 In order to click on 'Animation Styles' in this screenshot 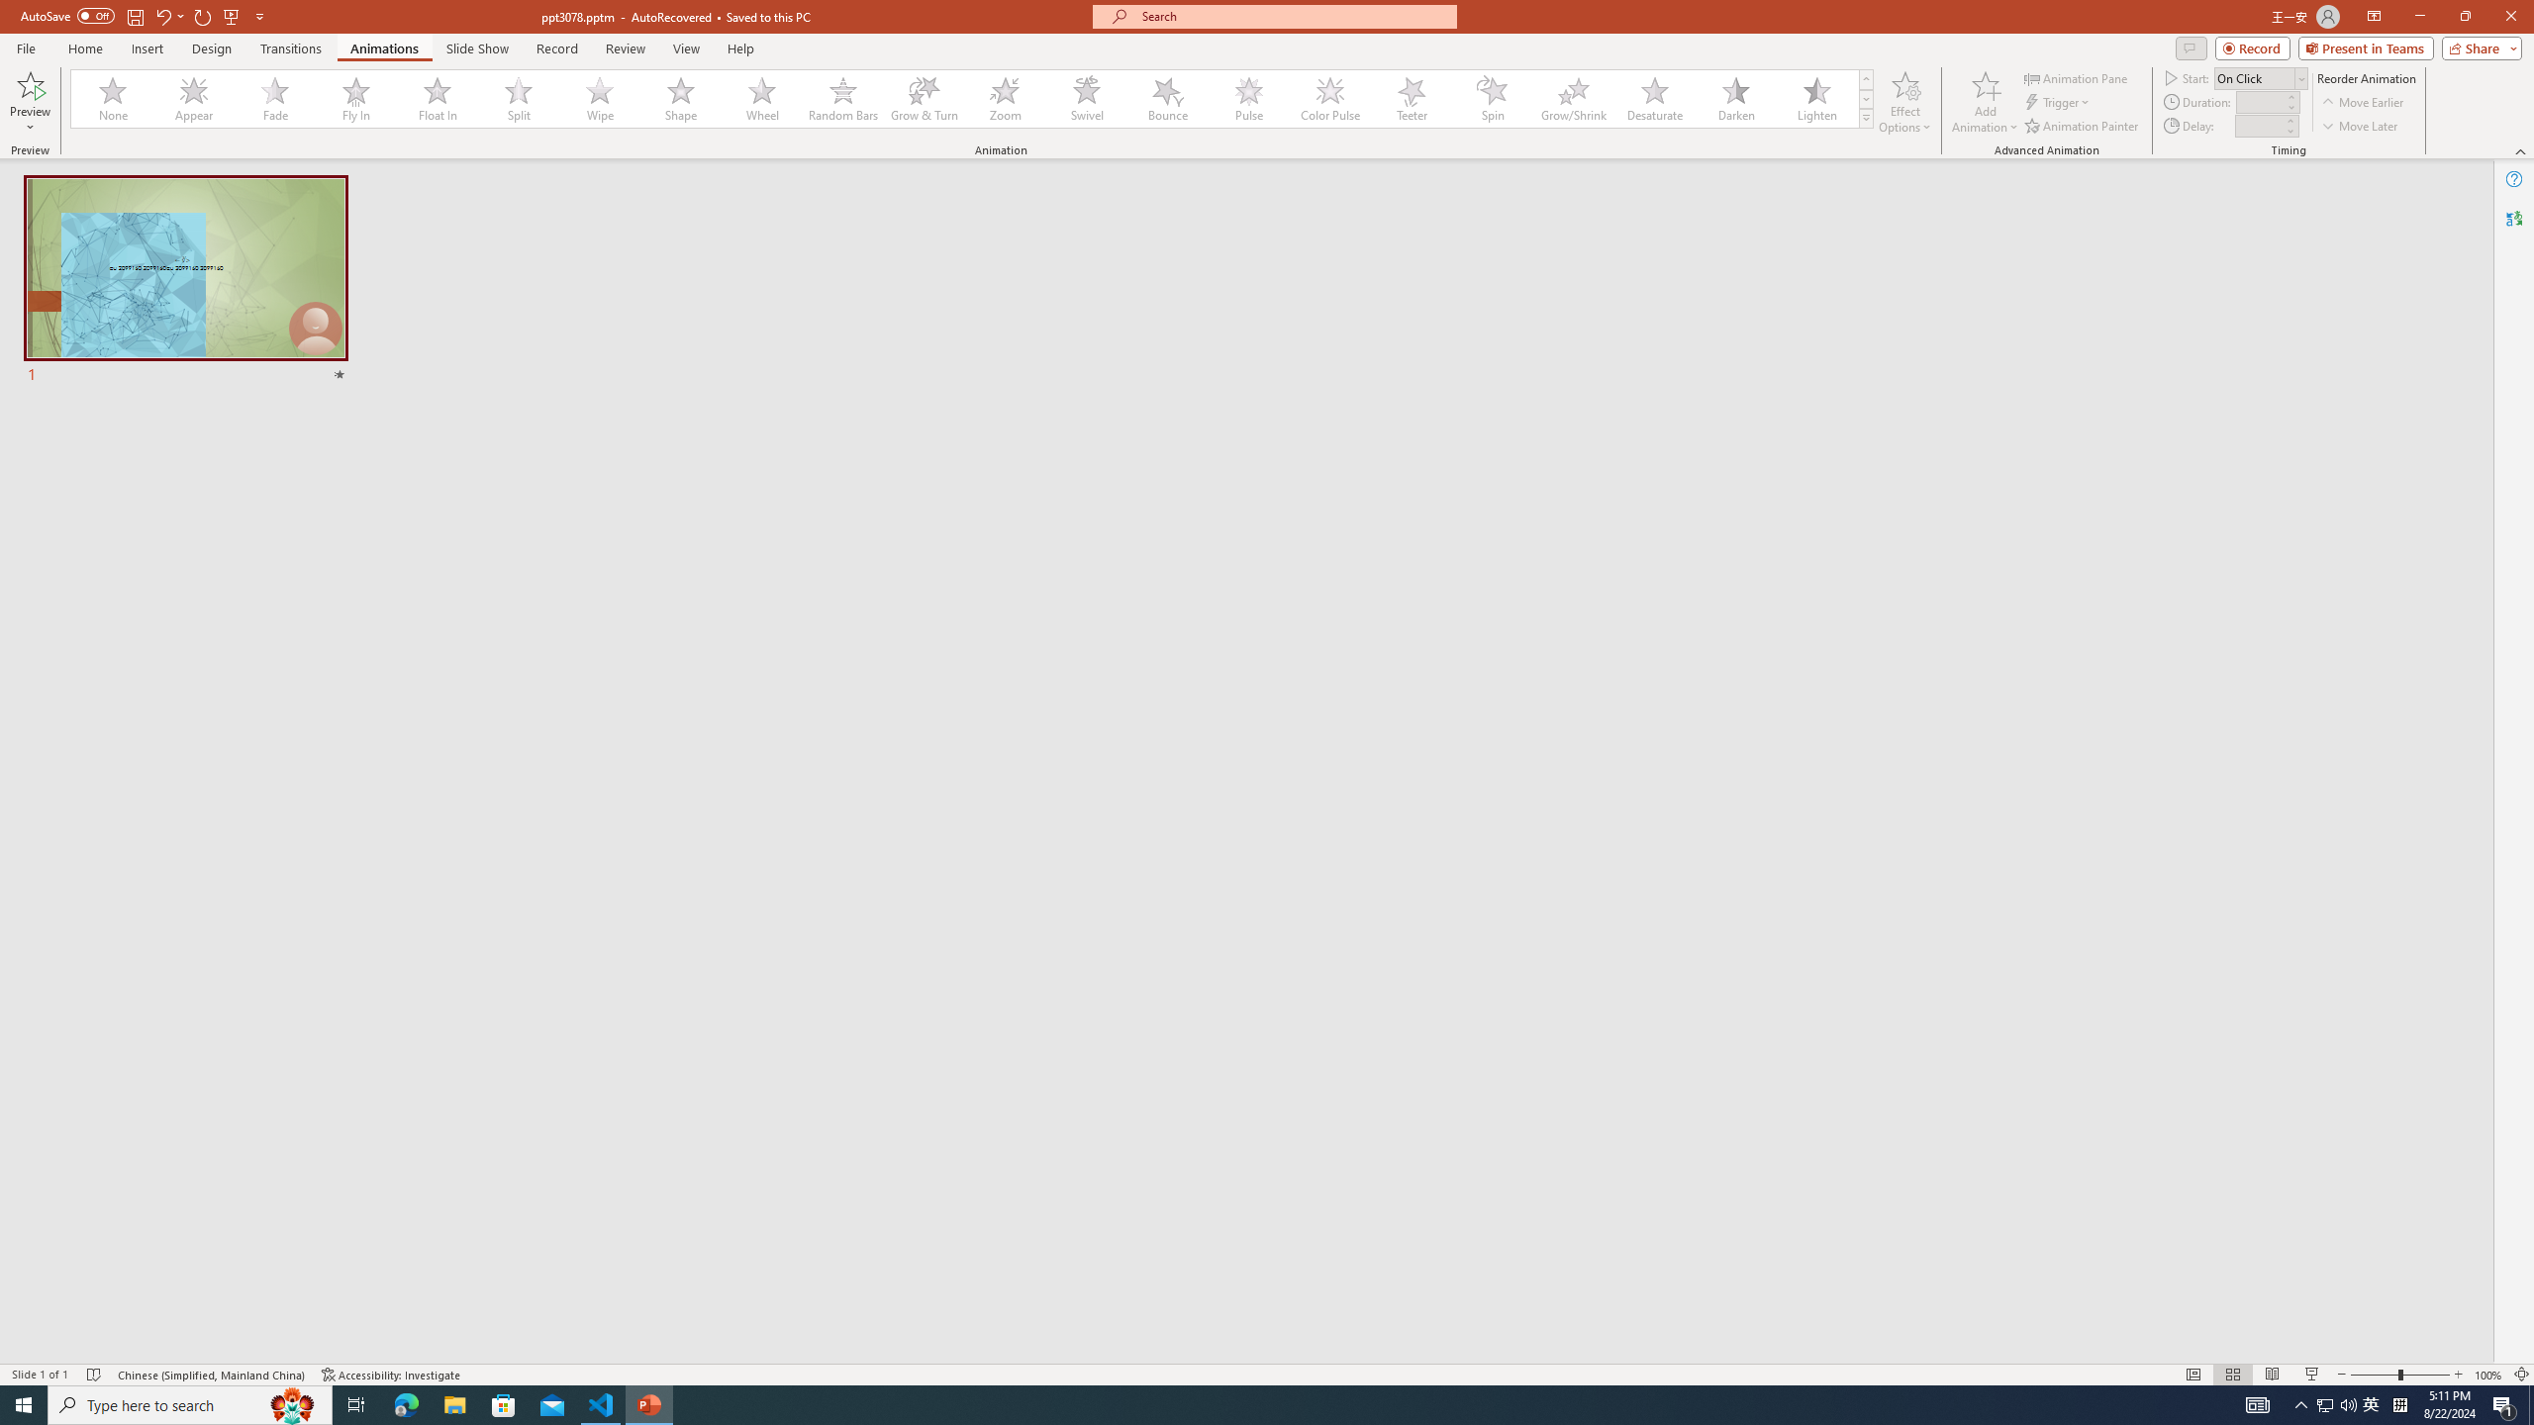, I will do `click(1865, 117)`.